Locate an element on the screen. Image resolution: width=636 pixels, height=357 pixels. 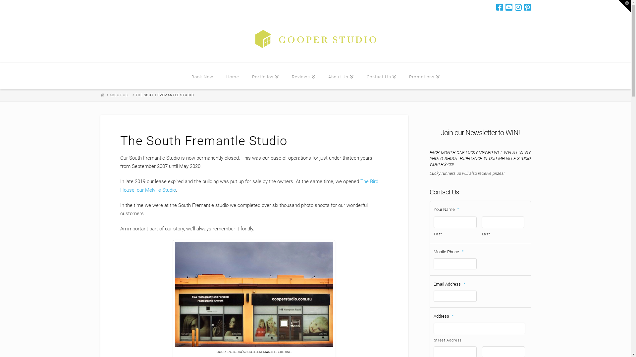
'HOME' is located at coordinates (100, 95).